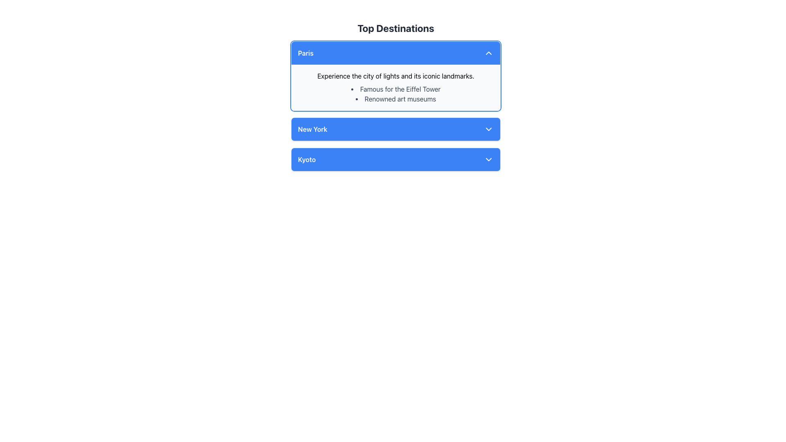 The width and height of the screenshot is (786, 442). Describe the element at coordinates (395, 89) in the screenshot. I see `the text string 'Famous for the Eiffel Tower' which is styled with a gray font color and is the first item in a bulleted list under the 'Paris' section` at that location.